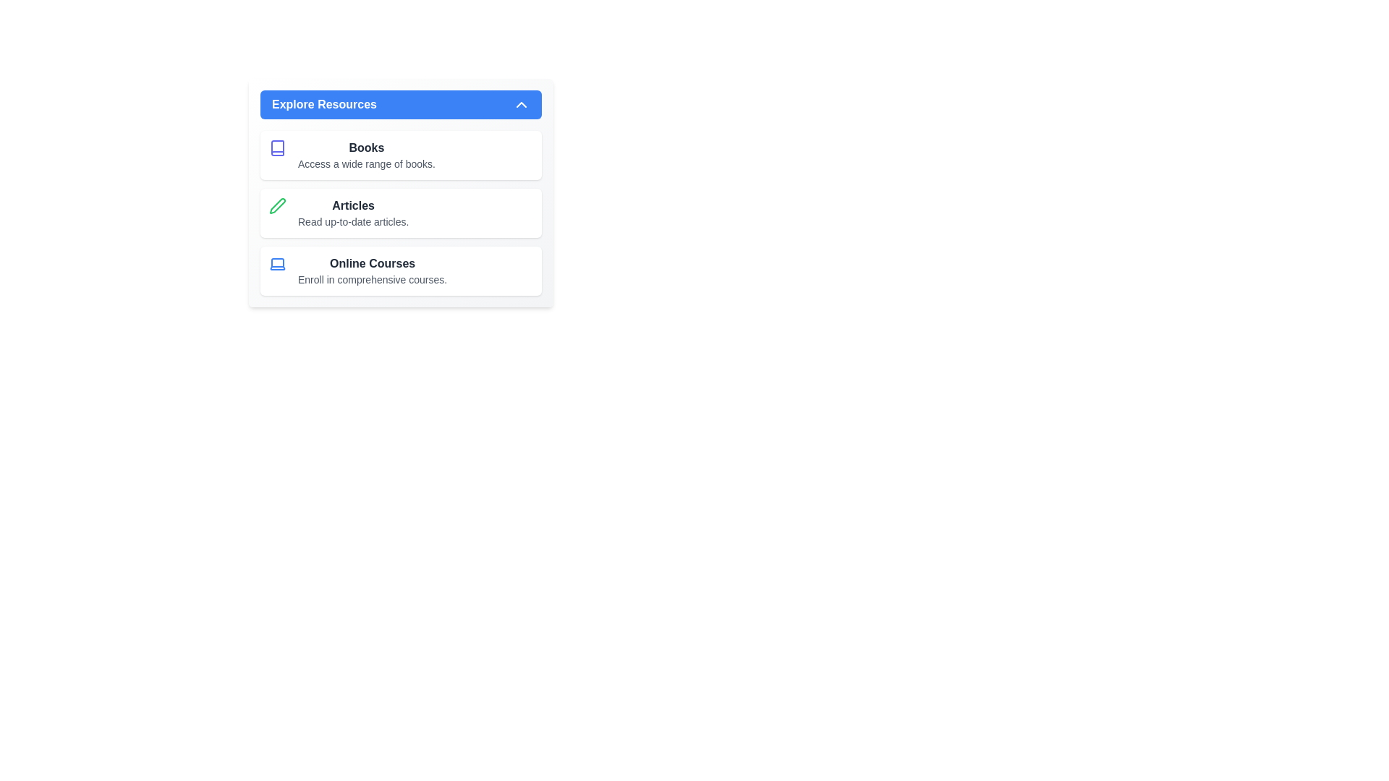 The width and height of the screenshot is (1389, 781). What do you see at coordinates (366, 163) in the screenshot?
I see `the text label that says 'Access a wide range of books.', which is styled in a smaller font size and light gray color, positioned beneath the 'Books' headline` at bounding box center [366, 163].